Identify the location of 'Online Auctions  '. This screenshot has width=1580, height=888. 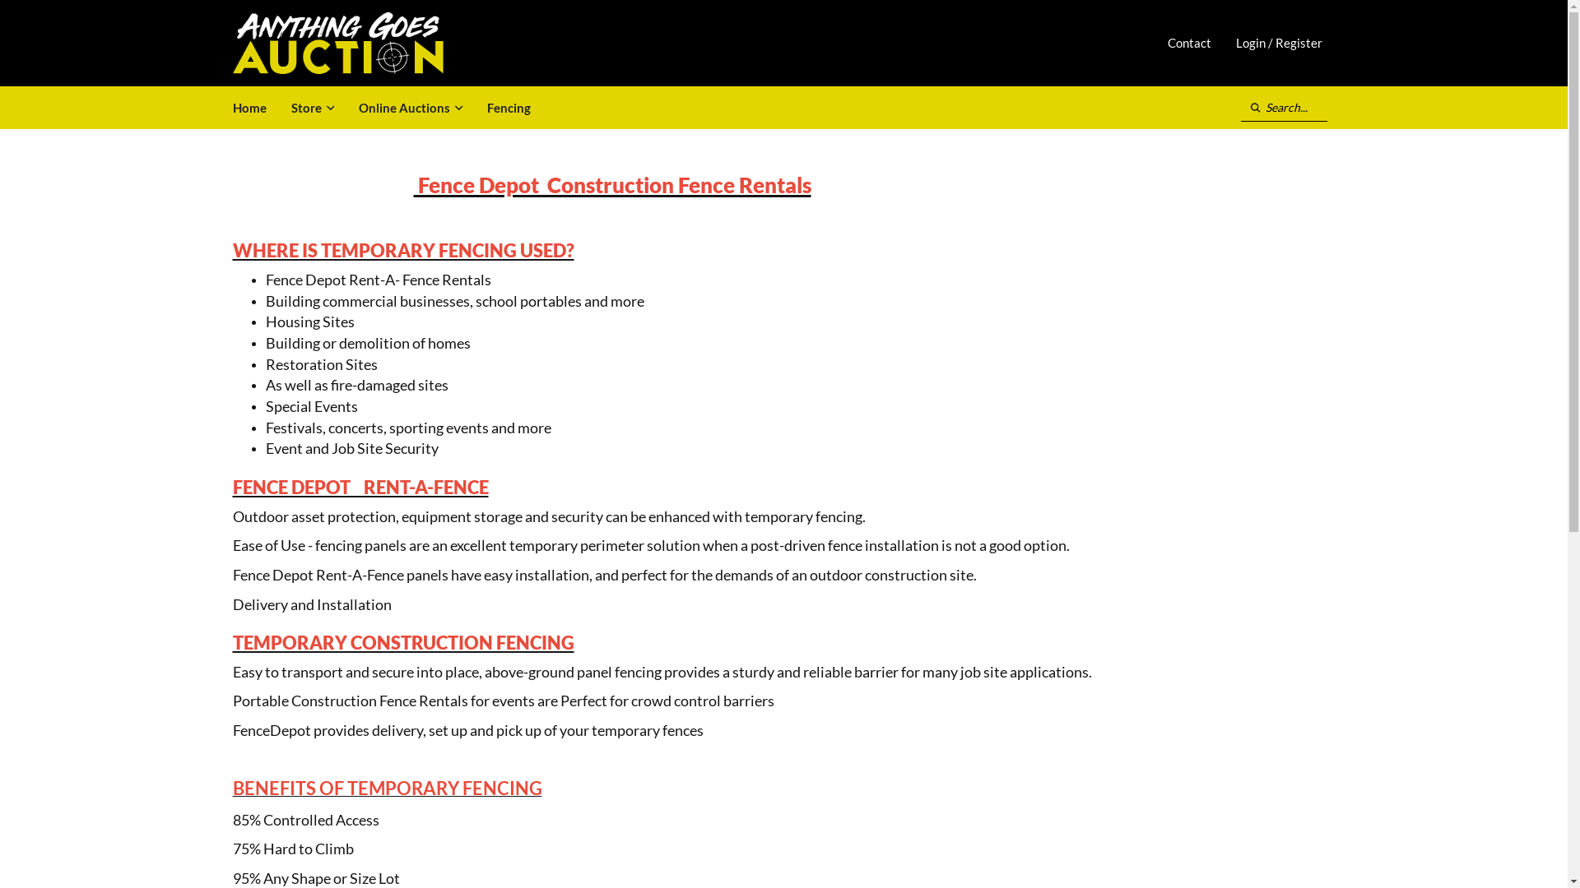
(345, 108).